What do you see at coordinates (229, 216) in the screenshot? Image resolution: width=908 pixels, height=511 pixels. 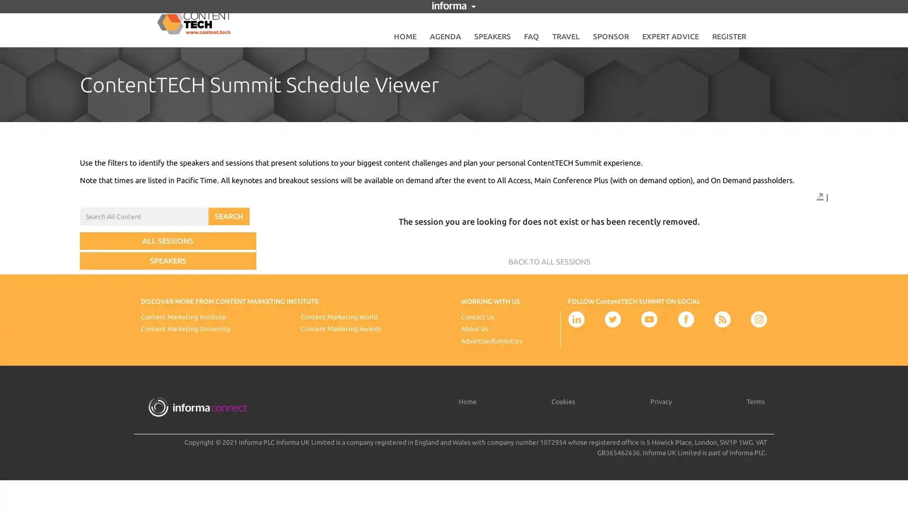 I see `SEARCH` at bounding box center [229, 216].